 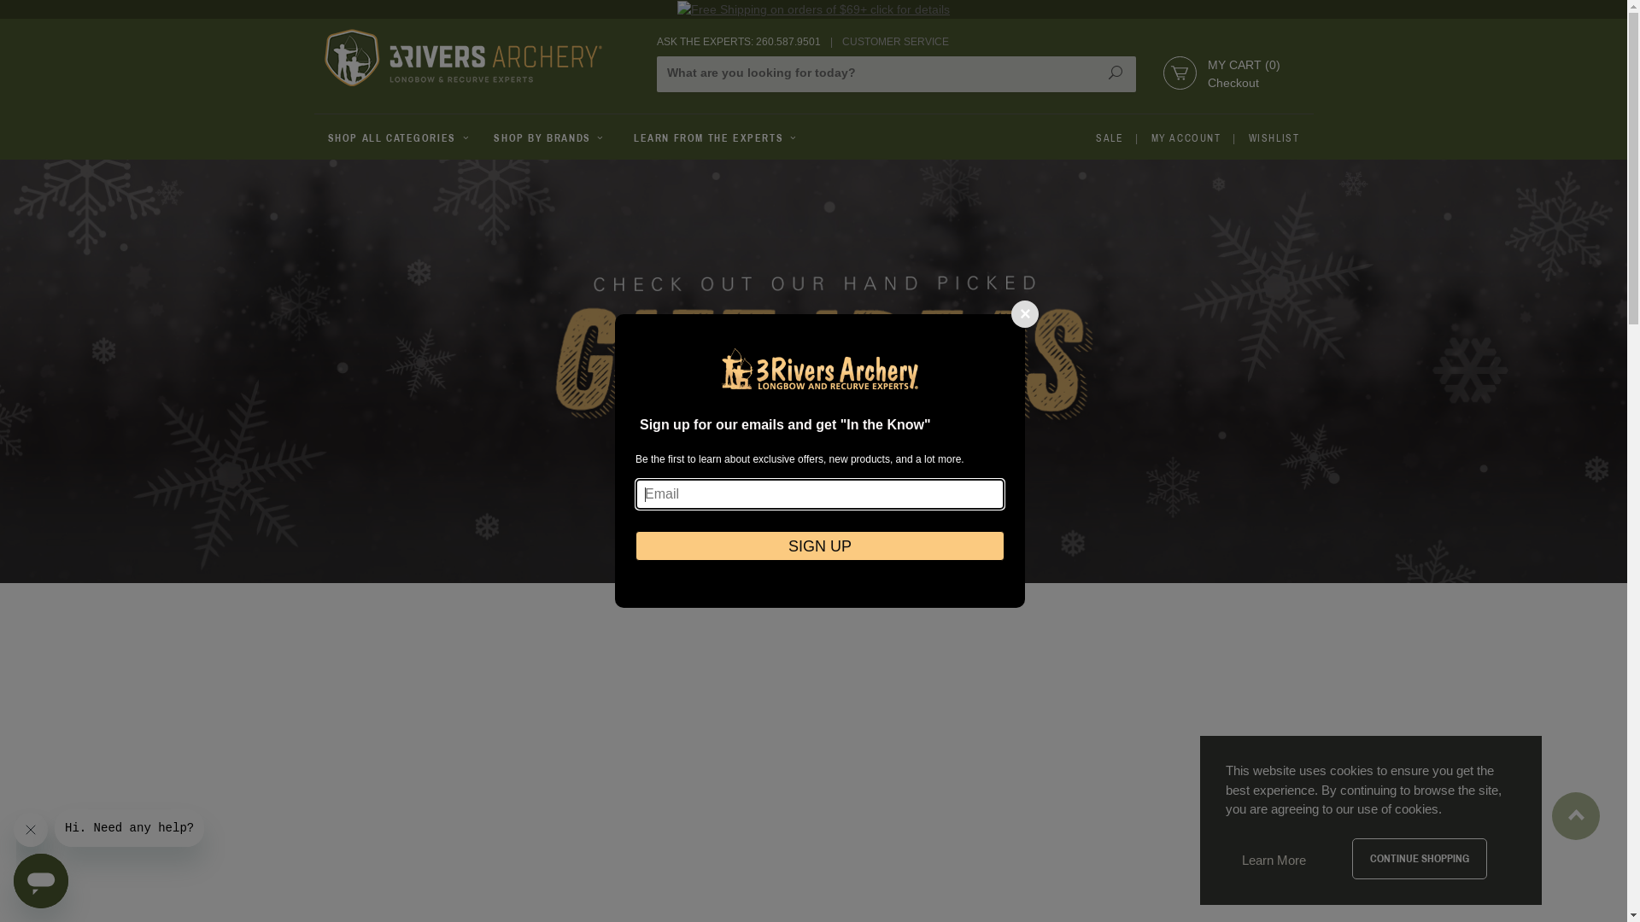 I want to click on 'CONTINUE SHOPPING', so click(x=1419, y=859).